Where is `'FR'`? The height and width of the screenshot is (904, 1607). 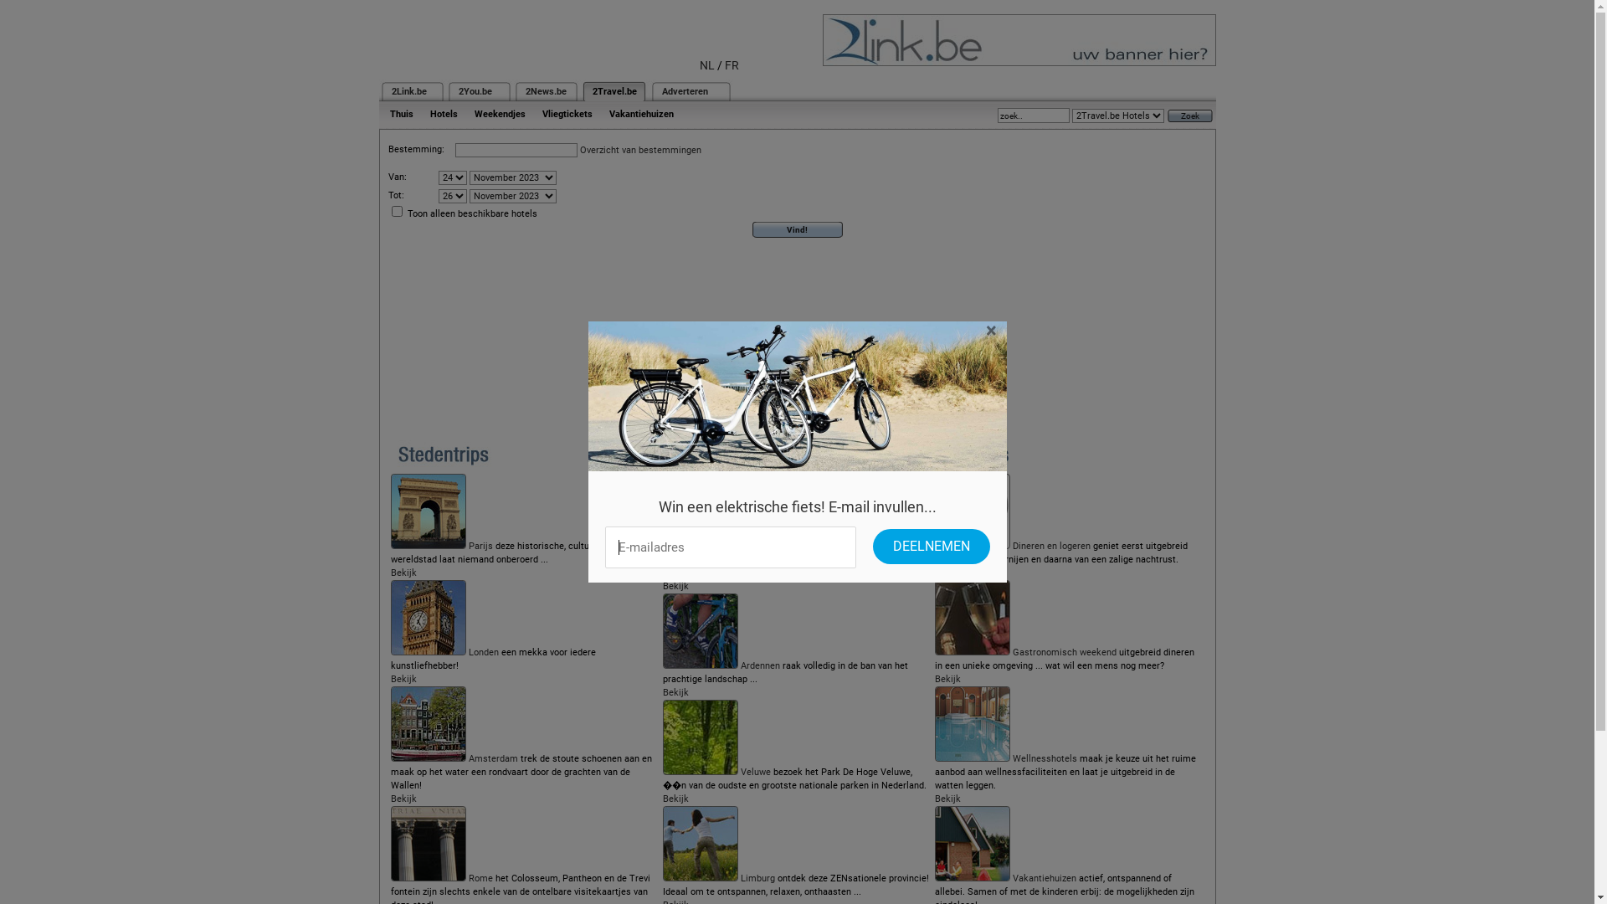
'FR' is located at coordinates (732, 64).